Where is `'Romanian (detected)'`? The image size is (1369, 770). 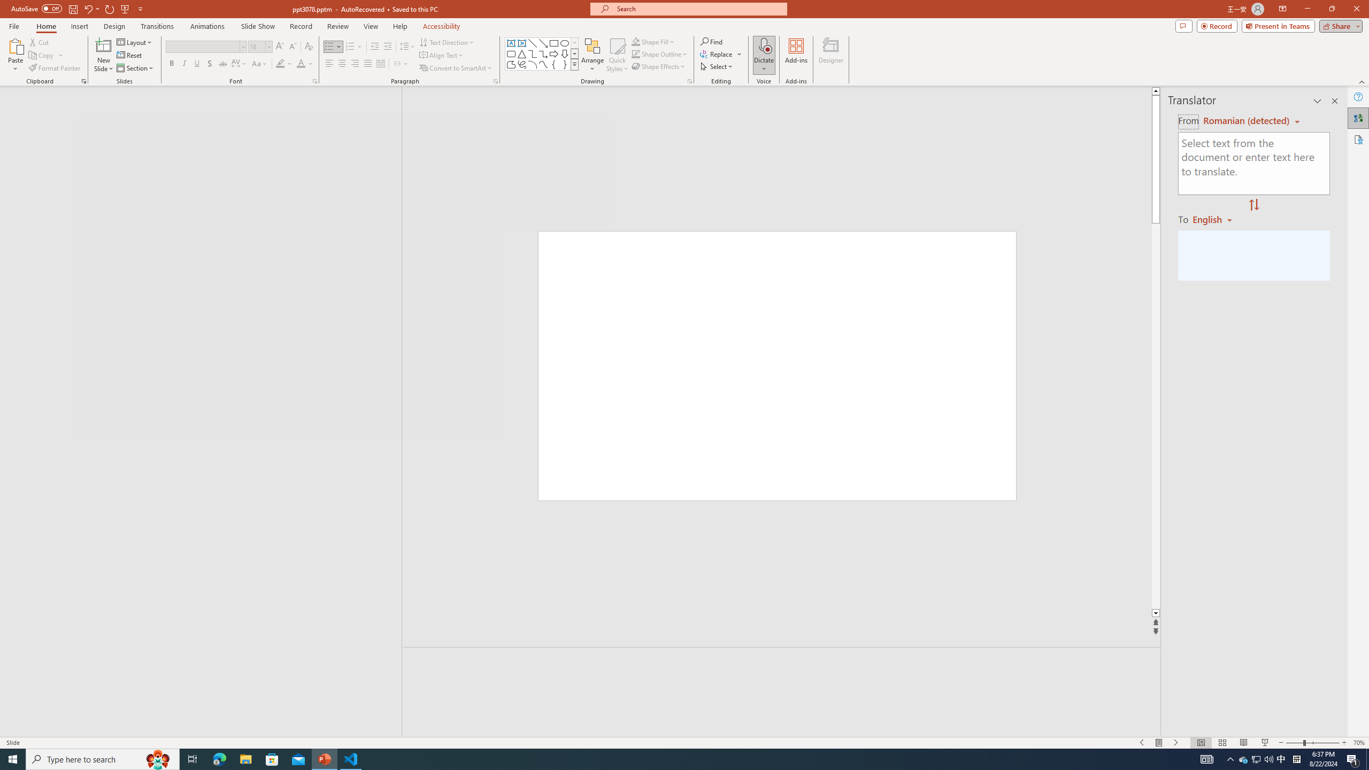
'Romanian (detected)' is located at coordinates (1244, 120).